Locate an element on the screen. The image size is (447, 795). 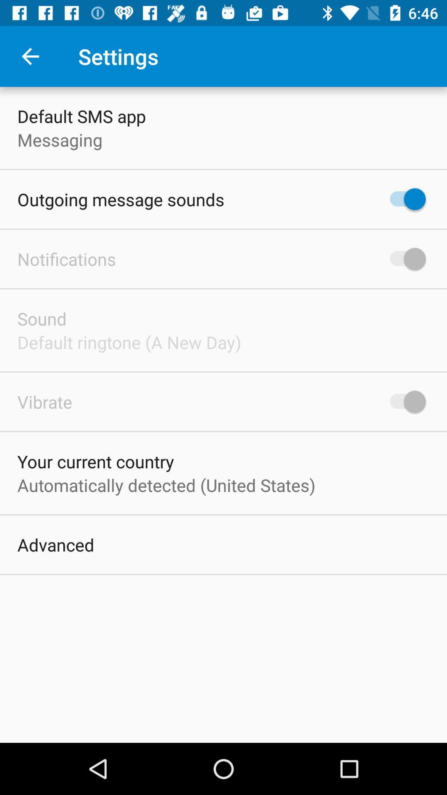
messaging icon is located at coordinates (59, 140).